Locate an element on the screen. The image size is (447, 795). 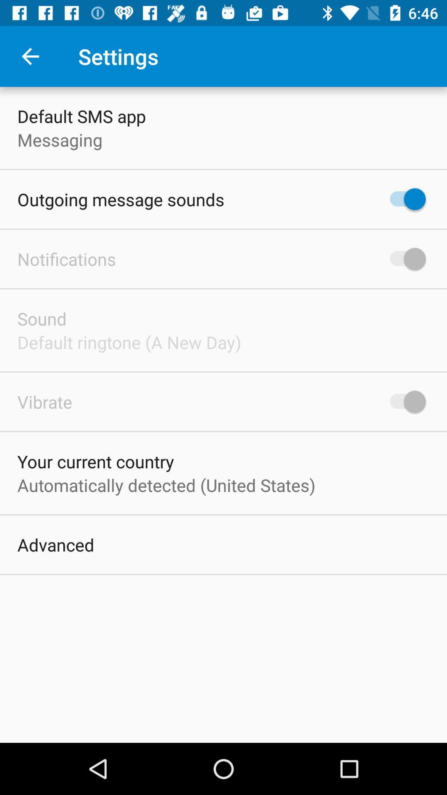
messaging icon is located at coordinates (59, 140).